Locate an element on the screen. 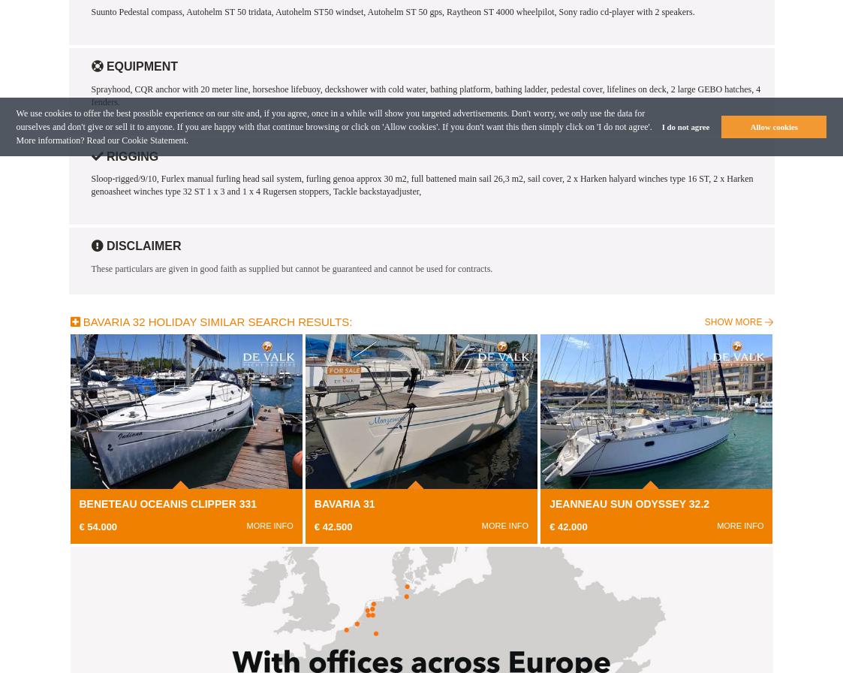 The width and height of the screenshot is (843, 673). 'We use cookies to offer the best possible experience on our site and, if you agree, once in a while will show you targeted advertisements. Don't worry, we only use the data for ourselves and don't give or sell it to anyone. If you are happy with that continue browsing or click on 'Allow cookies'. If you don't want this then simply click on 'I do not agree'. More information? Read our' is located at coordinates (333, 126).